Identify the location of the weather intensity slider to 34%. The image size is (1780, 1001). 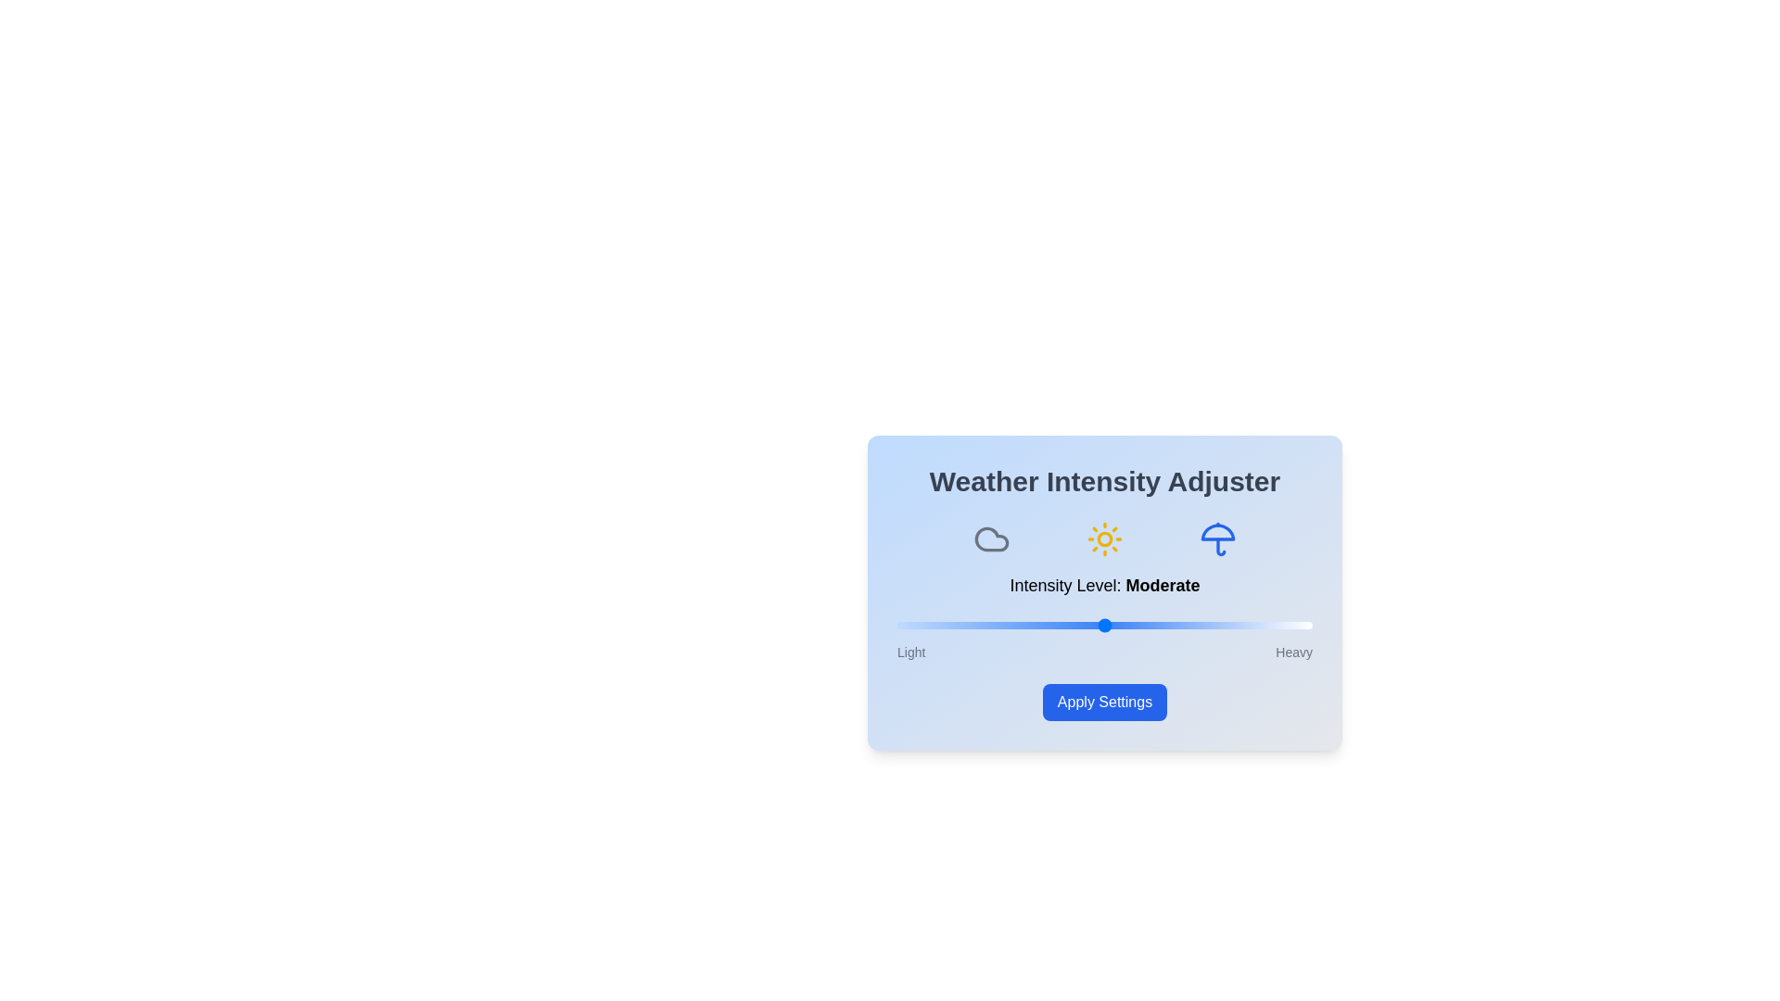
(1038, 626).